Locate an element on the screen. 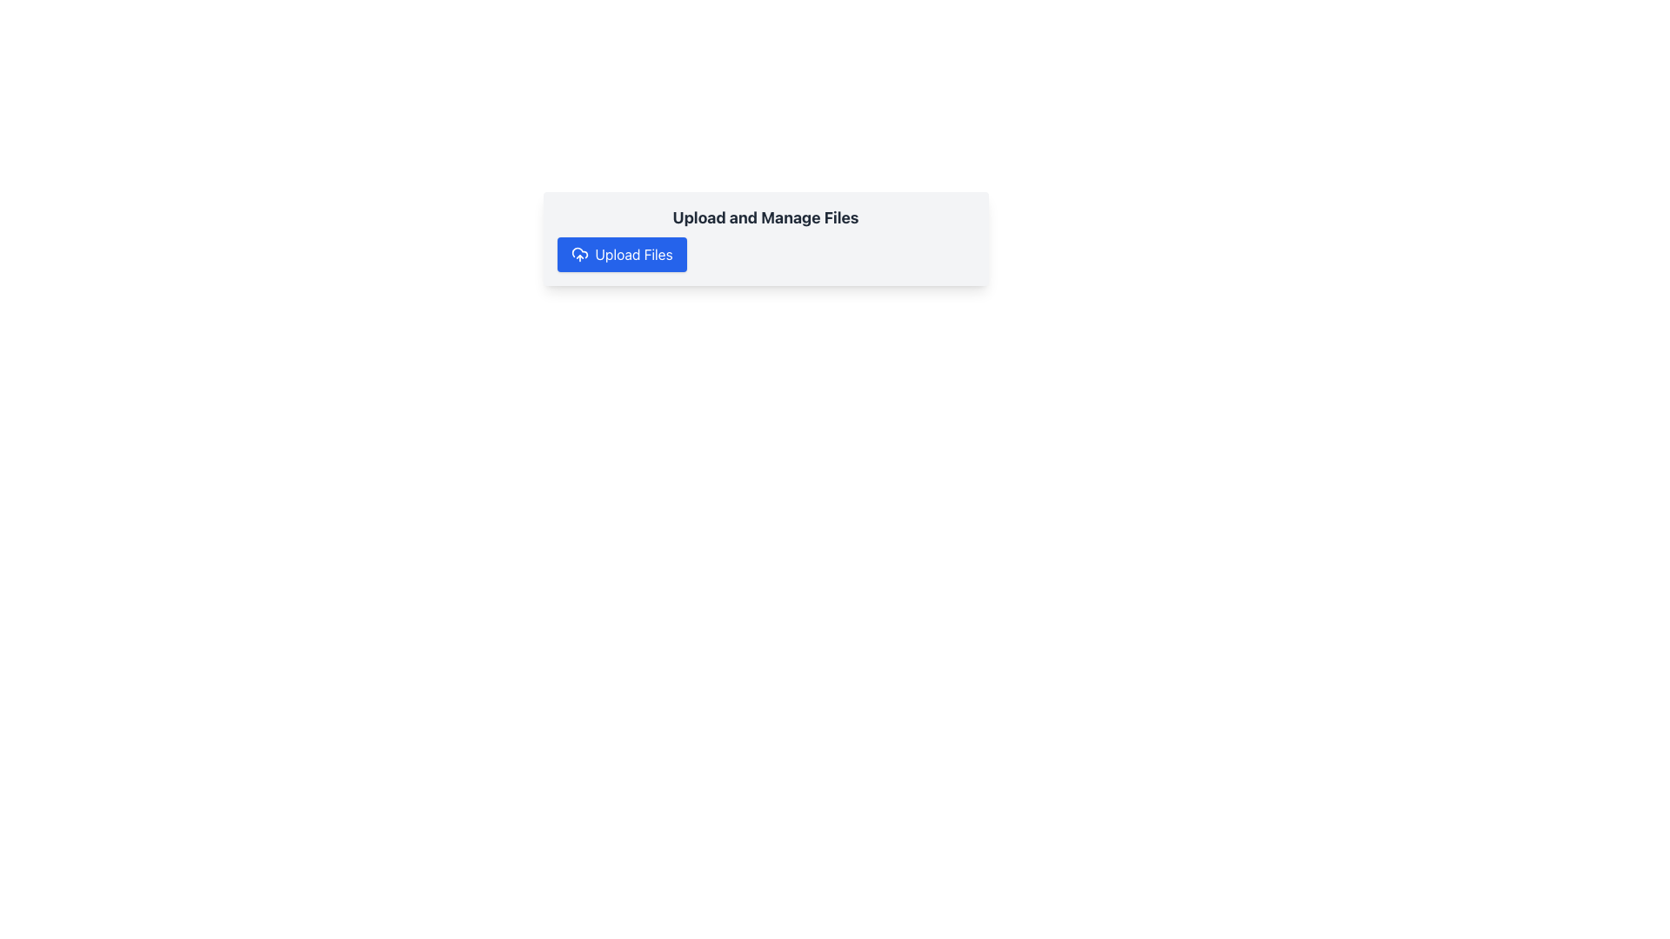  the 'Upload Files' button with a blue background and white text for accessibility is located at coordinates (622, 255).